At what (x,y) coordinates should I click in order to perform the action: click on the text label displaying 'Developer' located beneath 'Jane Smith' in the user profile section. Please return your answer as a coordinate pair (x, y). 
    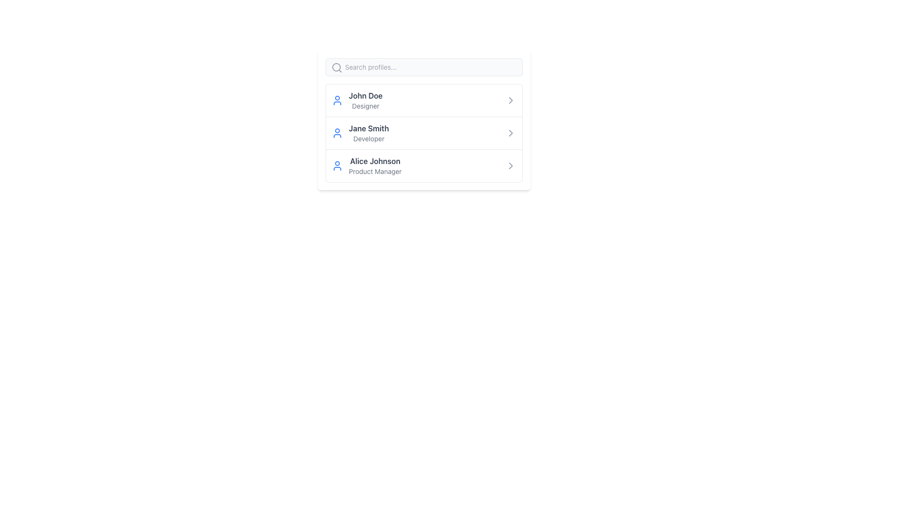
    Looking at the image, I should click on (368, 139).